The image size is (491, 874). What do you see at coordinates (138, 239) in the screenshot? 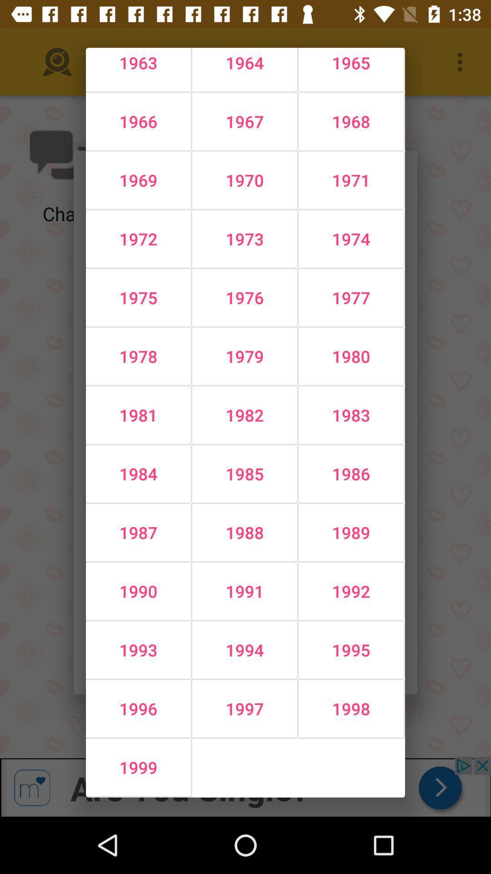
I see `icon above 1975` at bounding box center [138, 239].